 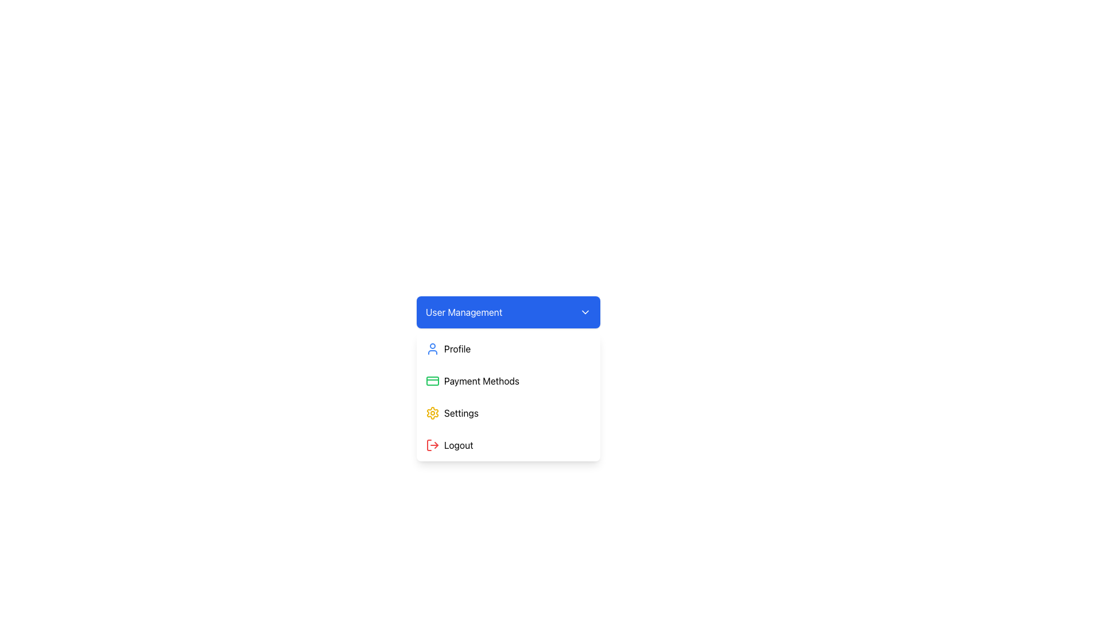 What do you see at coordinates (508, 312) in the screenshot?
I see `the Dropdown trigger button located at the top of the vertical list` at bounding box center [508, 312].